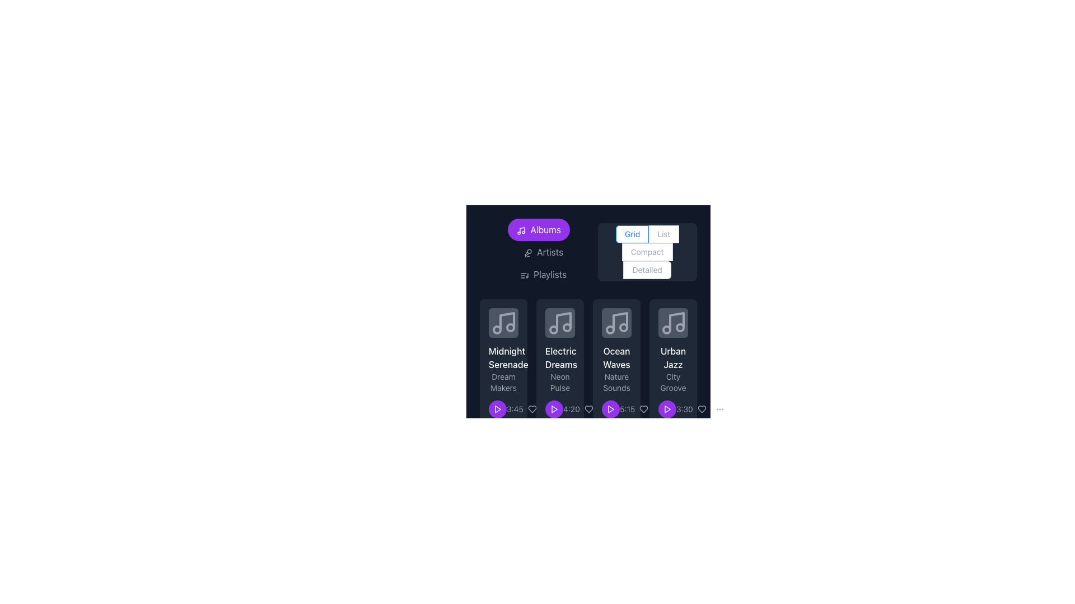  What do you see at coordinates (647, 252) in the screenshot?
I see `the compact layout radio button, which is the third item in a vertical list of radio buttons for layout view options` at bounding box center [647, 252].